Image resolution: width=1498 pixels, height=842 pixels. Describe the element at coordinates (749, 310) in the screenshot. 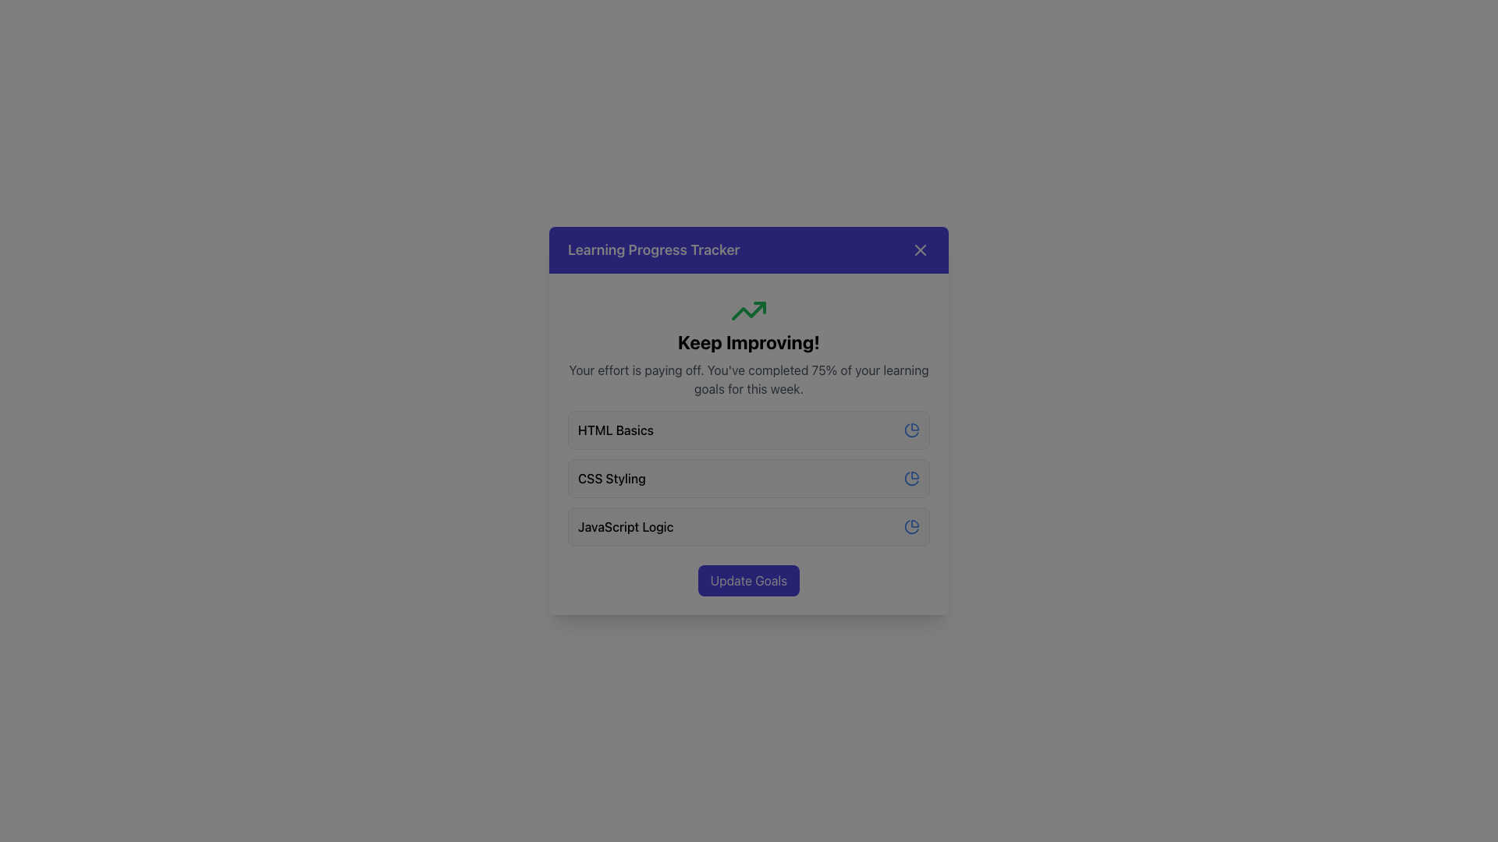

I see `the positive progress icon located above the text 'Keep Improving!' and below the title 'Learning Progress Tracker'. It serves as a visual indicator for success or progress and does not require user interaction` at that location.